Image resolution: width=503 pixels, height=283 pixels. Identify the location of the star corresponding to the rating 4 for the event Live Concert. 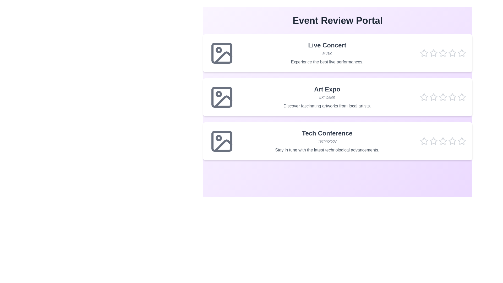
(452, 53).